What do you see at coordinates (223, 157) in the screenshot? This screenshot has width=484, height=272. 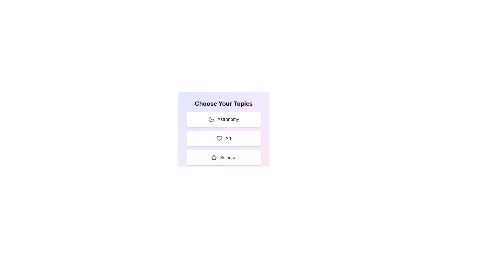 I see `the topic Science by clicking on its corresponding area` at bounding box center [223, 157].